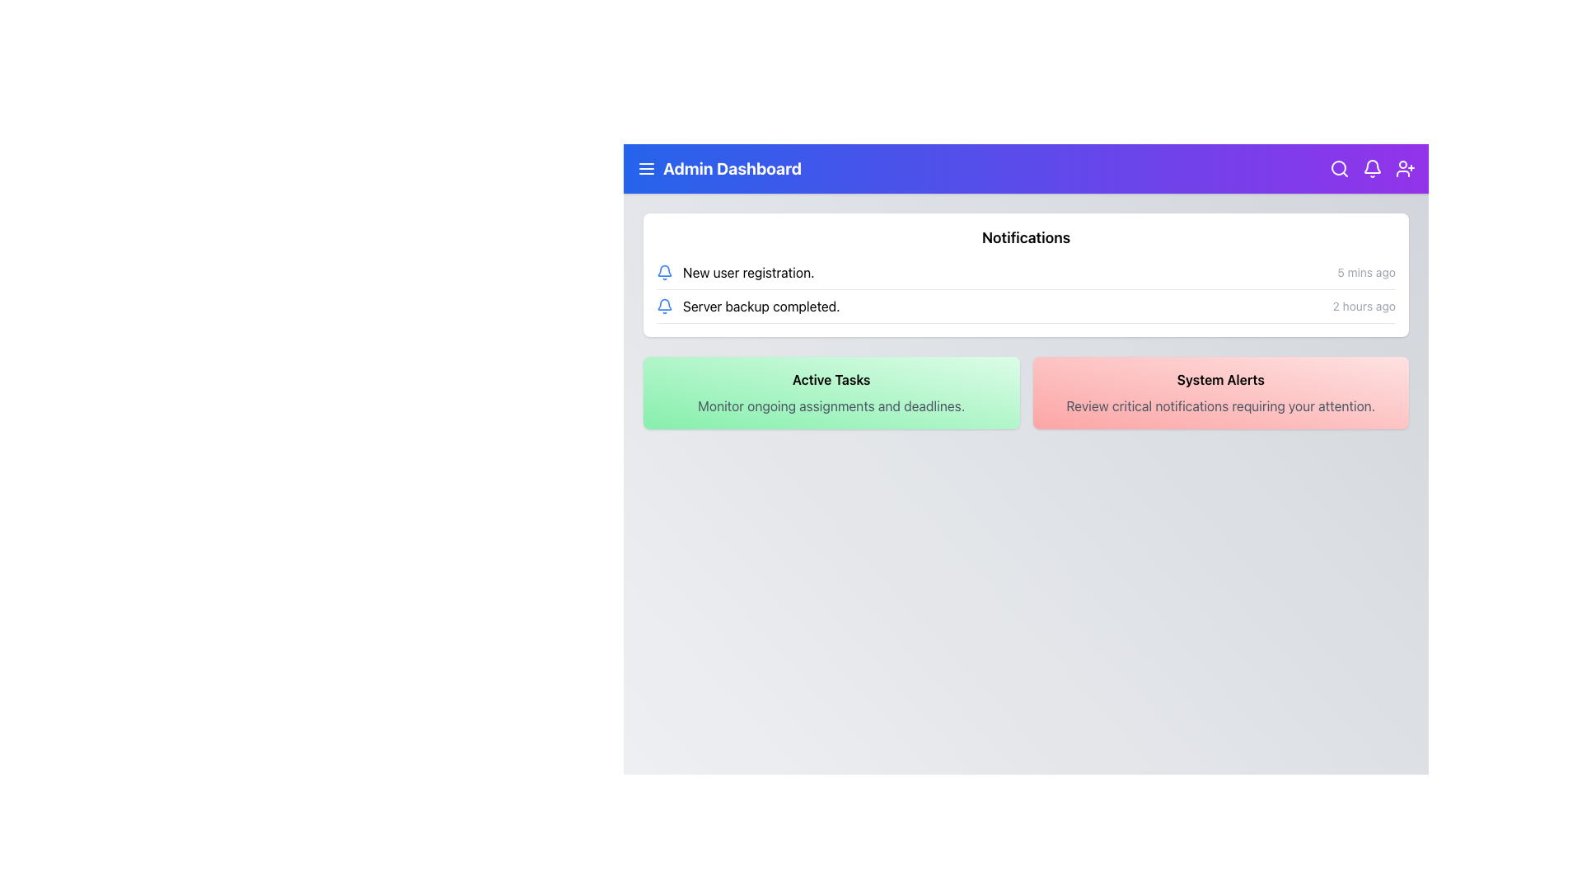  I want to click on the 'Notifications' text label, which is styled in bold and serves as the heading within a white card that displays notifications, so click(1025, 238).